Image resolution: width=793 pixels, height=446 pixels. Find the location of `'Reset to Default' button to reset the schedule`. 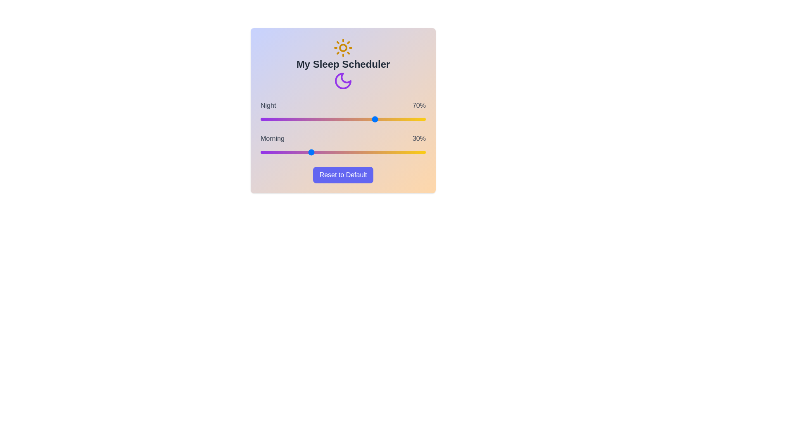

'Reset to Default' button to reset the schedule is located at coordinates (343, 175).